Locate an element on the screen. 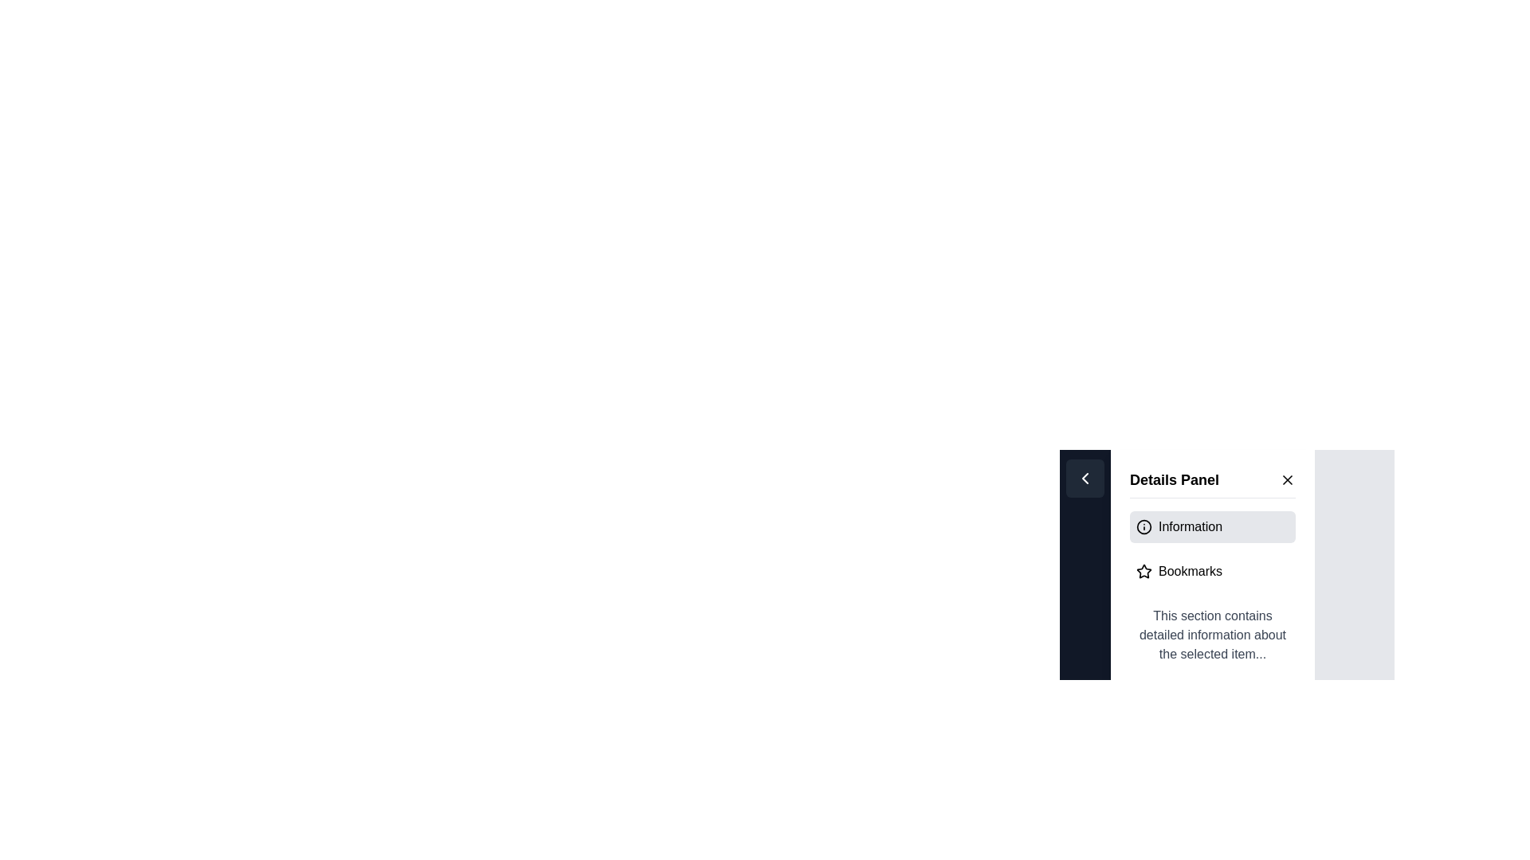 The image size is (1530, 860). the 'Bookmarks' button, which is the second item in a vertically stacked list within a details panel is located at coordinates (1211, 570).